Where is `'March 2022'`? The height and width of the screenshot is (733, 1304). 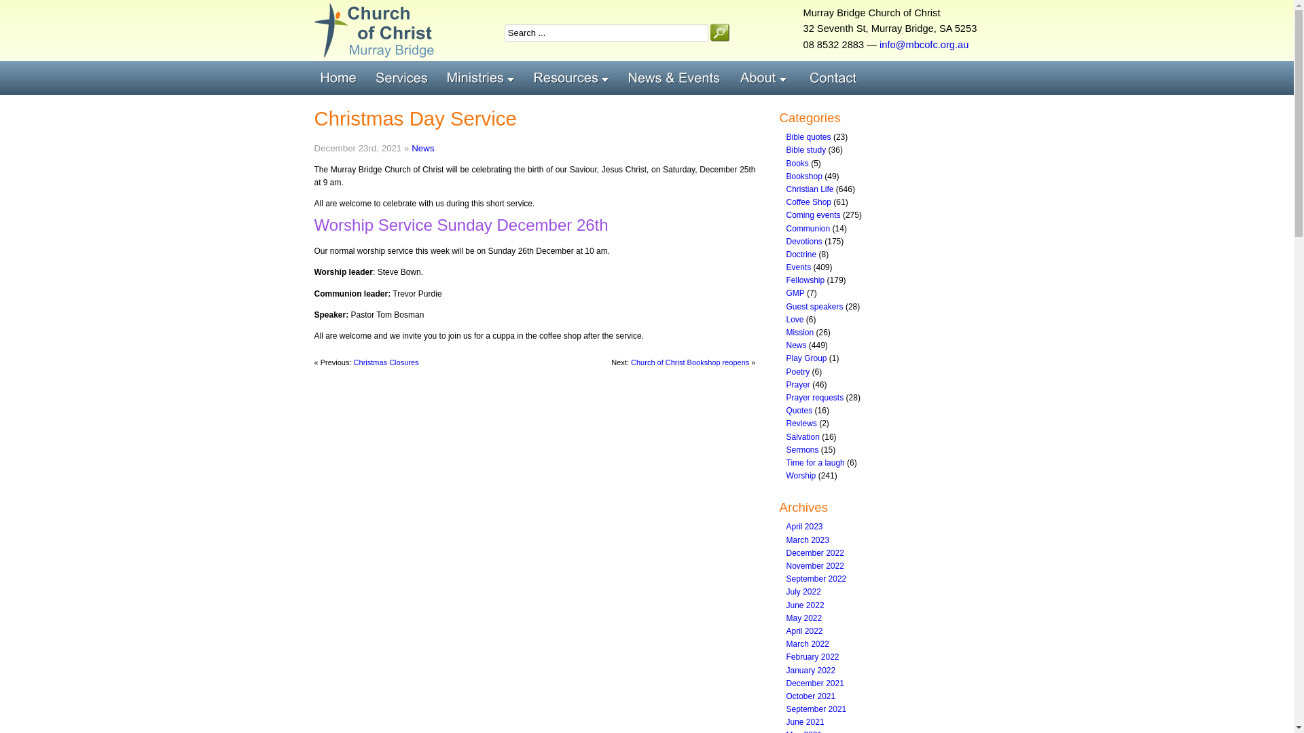
'March 2022' is located at coordinates (808, 643).